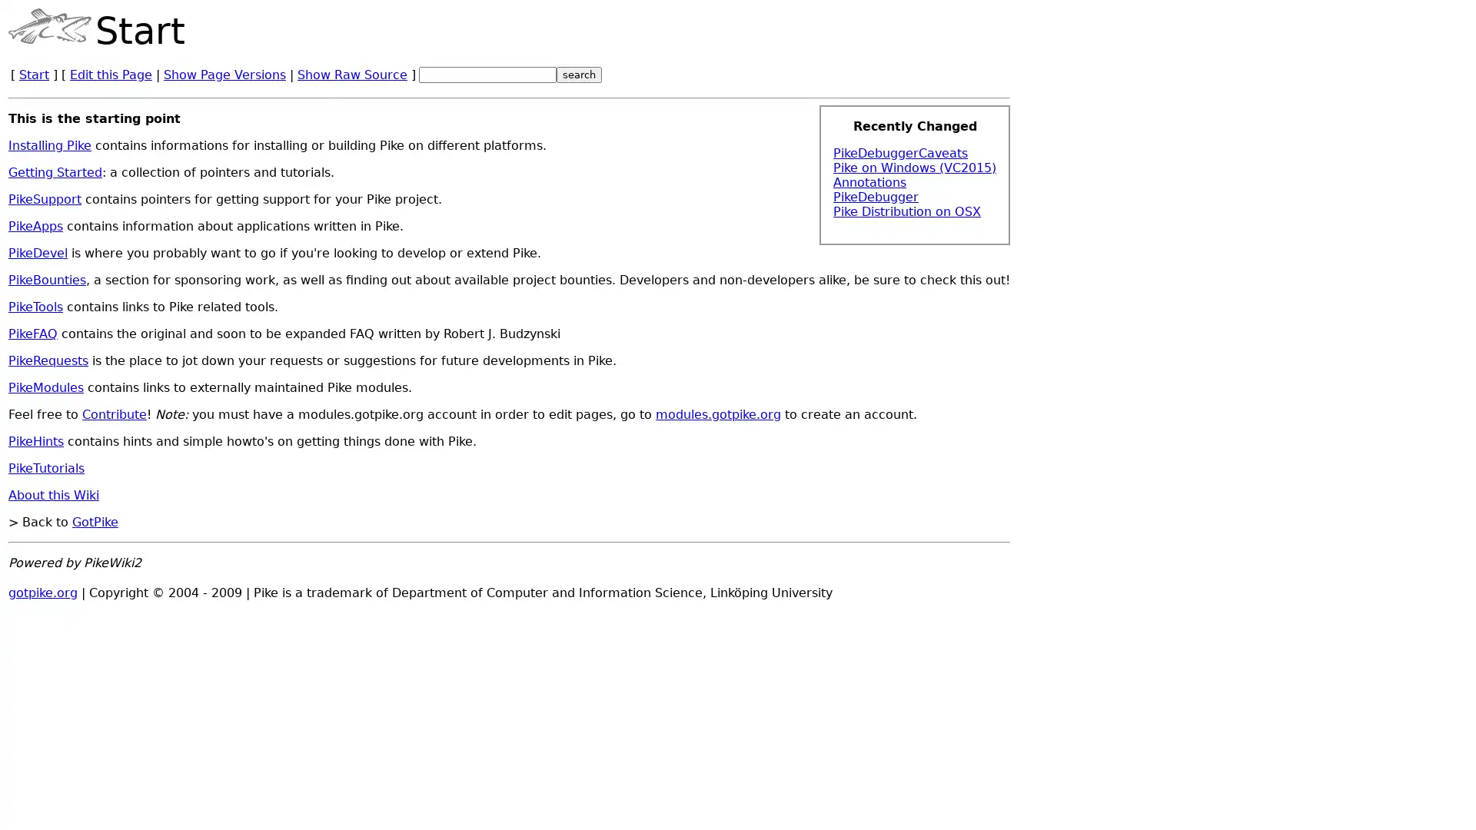  Describe the element at coordinates (578, 75) in the screenshot. I see `search` at that location.